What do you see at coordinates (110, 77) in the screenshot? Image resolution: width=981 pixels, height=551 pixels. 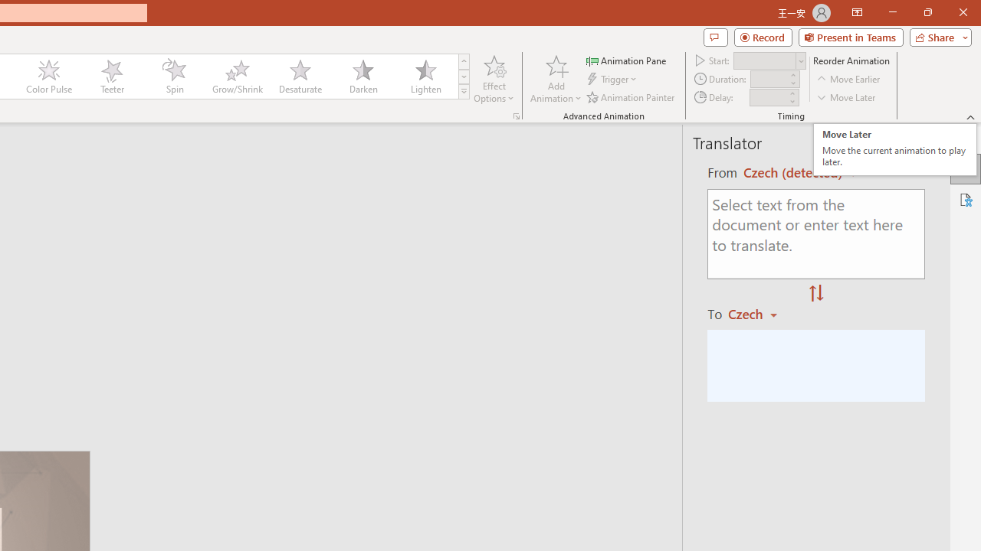 I see `'Teeter'` at bounding box center [110, 77].